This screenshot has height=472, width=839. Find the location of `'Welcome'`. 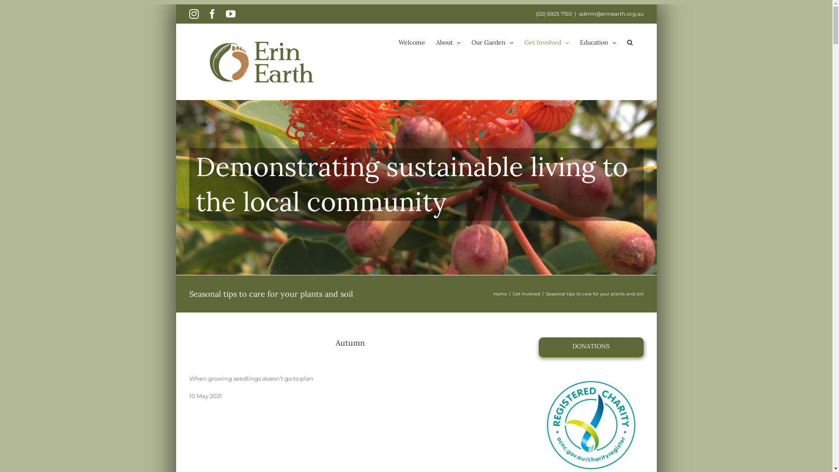

'Welcome' is located at coordinates (398, 42).